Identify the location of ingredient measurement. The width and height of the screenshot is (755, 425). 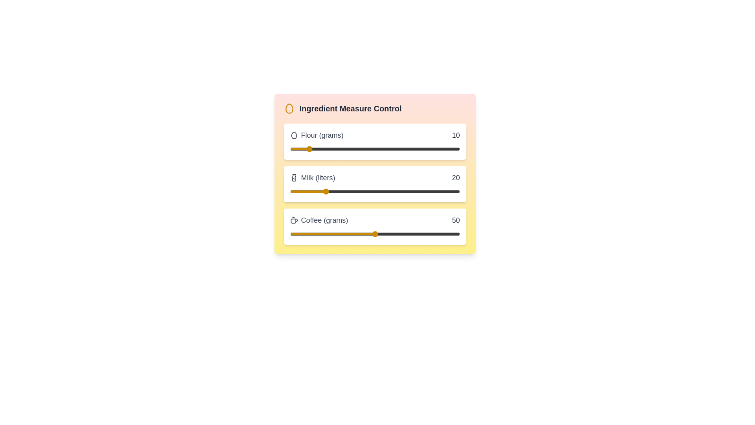
(308, 149).